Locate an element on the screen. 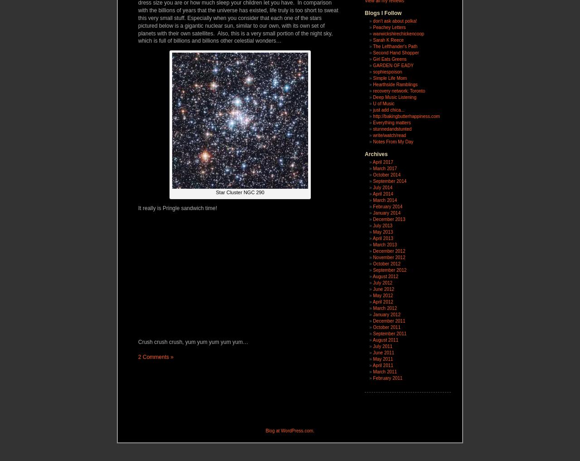  'April 2011' is located at coordinates (382, 365).